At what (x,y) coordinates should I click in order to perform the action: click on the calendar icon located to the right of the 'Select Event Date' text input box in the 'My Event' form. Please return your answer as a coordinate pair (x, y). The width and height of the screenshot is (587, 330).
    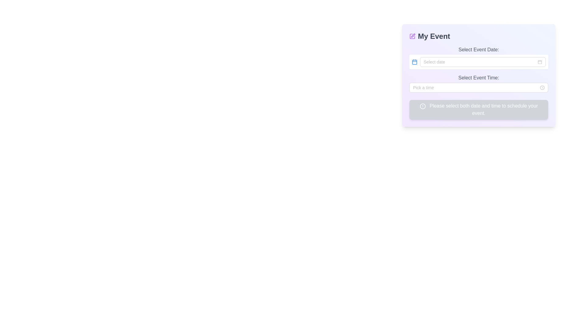
    Looking at the image, I should click on (540, 62).